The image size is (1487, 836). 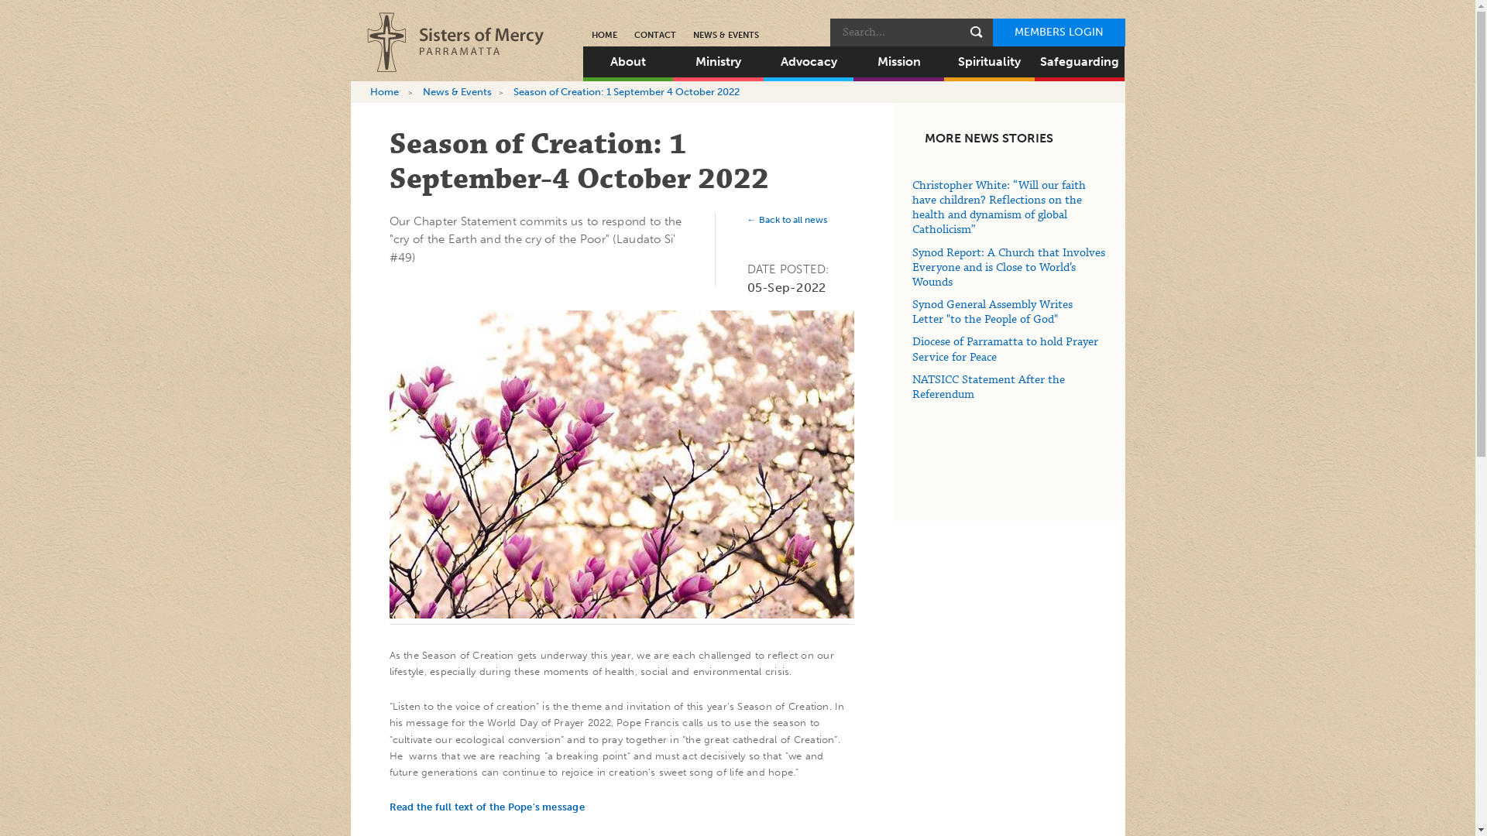 I want to click on 'MEMBERS LOGIN', so click(x=1058, y=33).